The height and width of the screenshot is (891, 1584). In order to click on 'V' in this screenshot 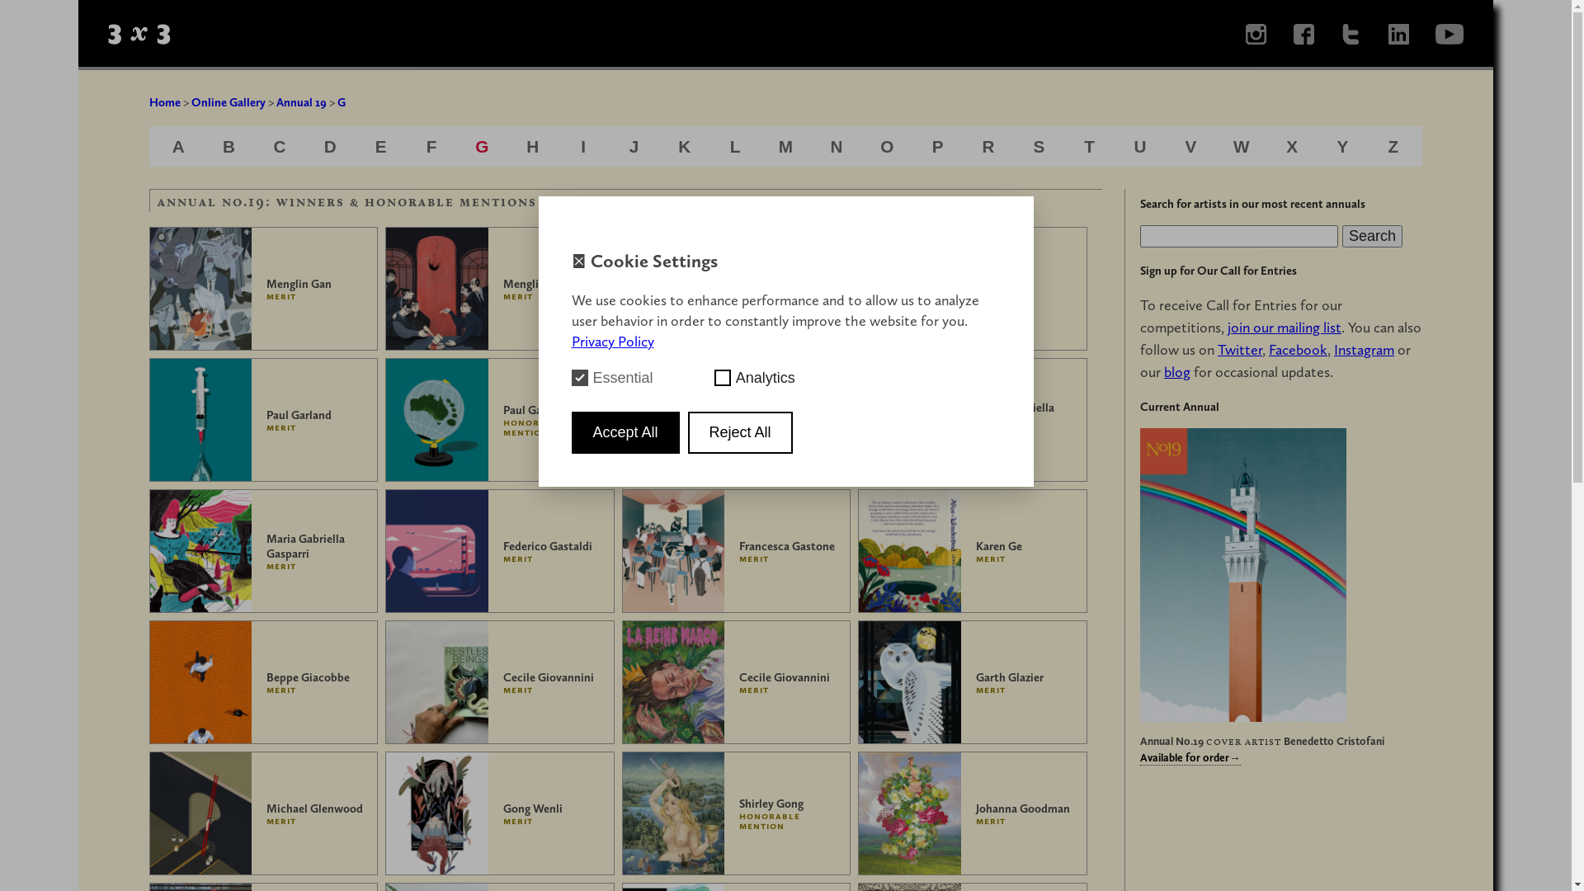, I will do `click(1190, 145)`.